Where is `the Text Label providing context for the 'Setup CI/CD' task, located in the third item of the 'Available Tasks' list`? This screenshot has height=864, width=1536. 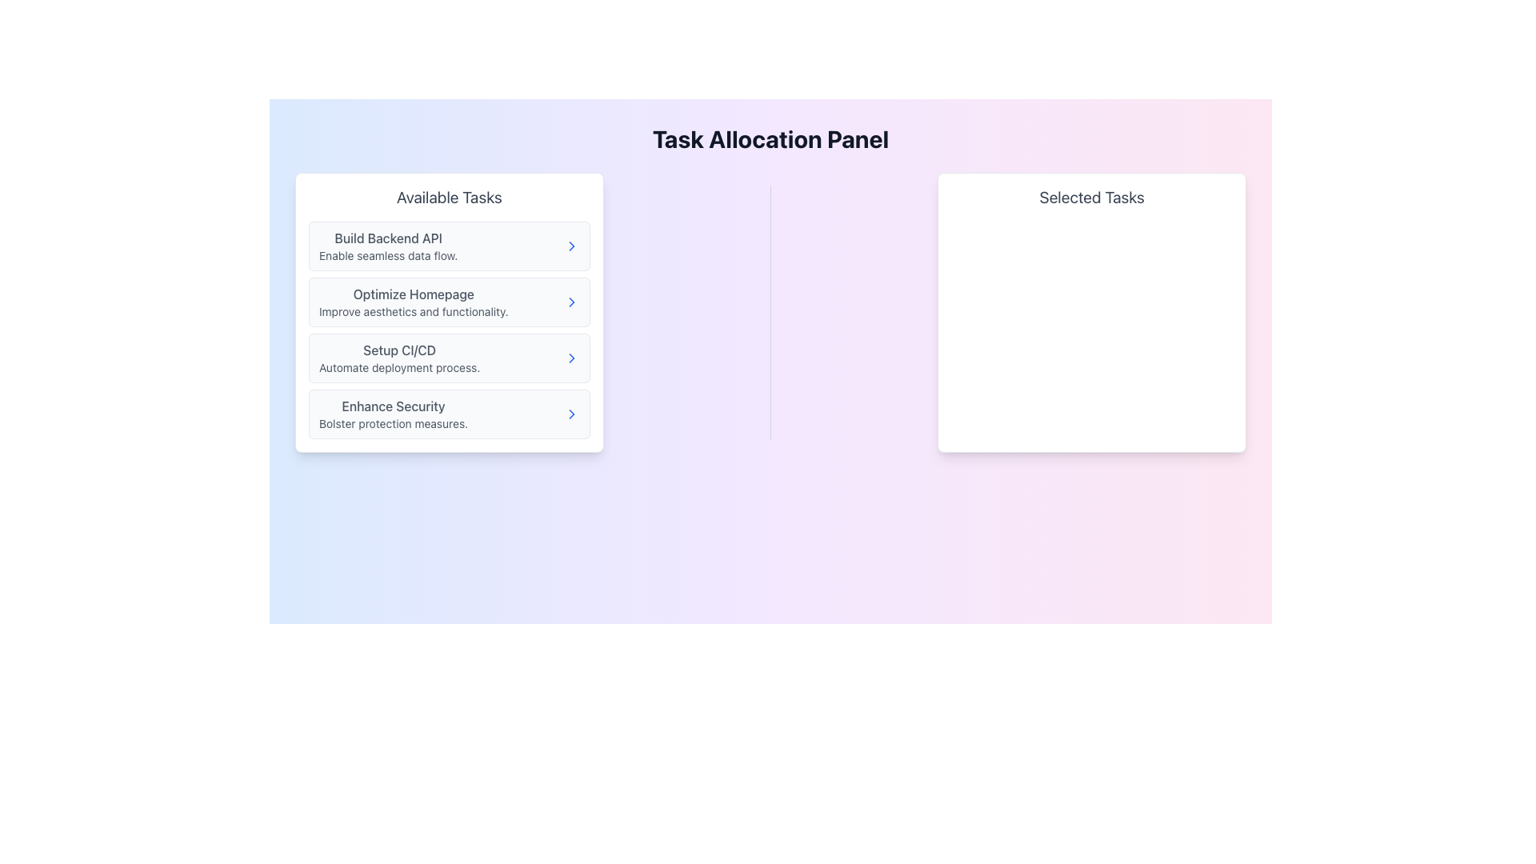 the Text Label providing context for the 'Setup CI/CD' task, located in the third item of the 'Available Tasks' list is located at coordinates (399, 367).